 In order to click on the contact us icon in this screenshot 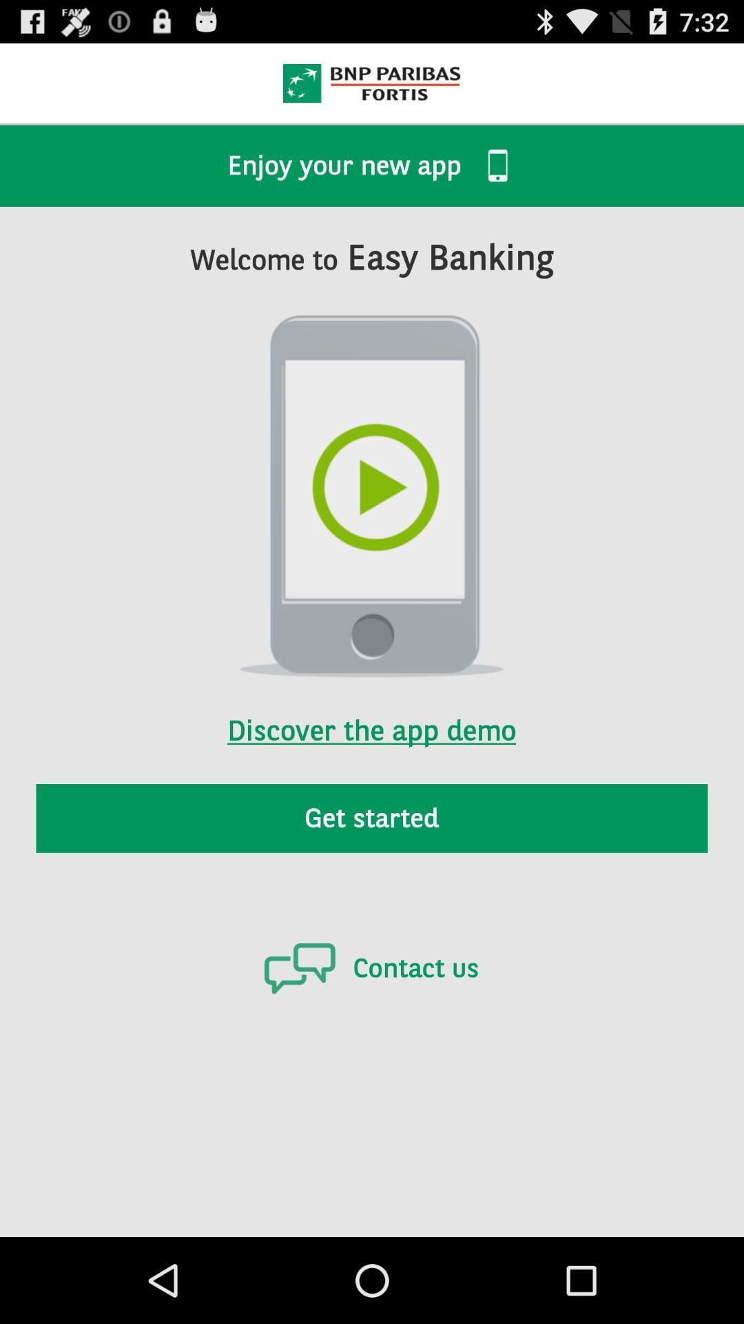, I will do `click(371, 967)`.